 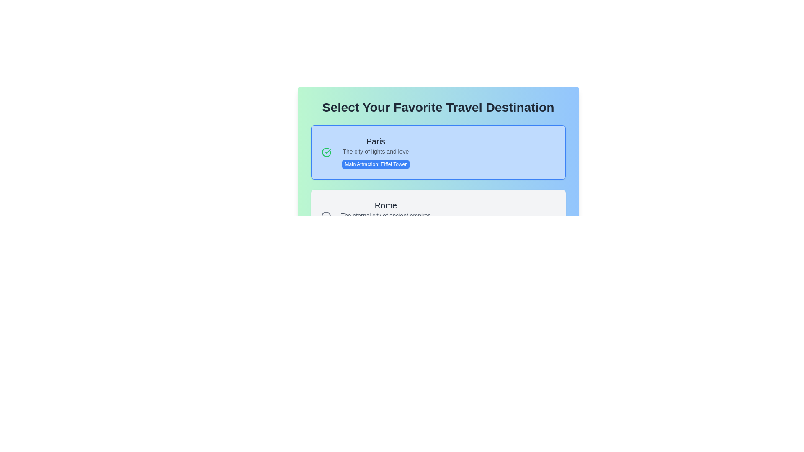 What do you see at coordinates (325, 216) in the screenshot?
I see `the circular SVG graphic element with a gray border next to the text 'Rome.'` at bounding box center [325, 216].